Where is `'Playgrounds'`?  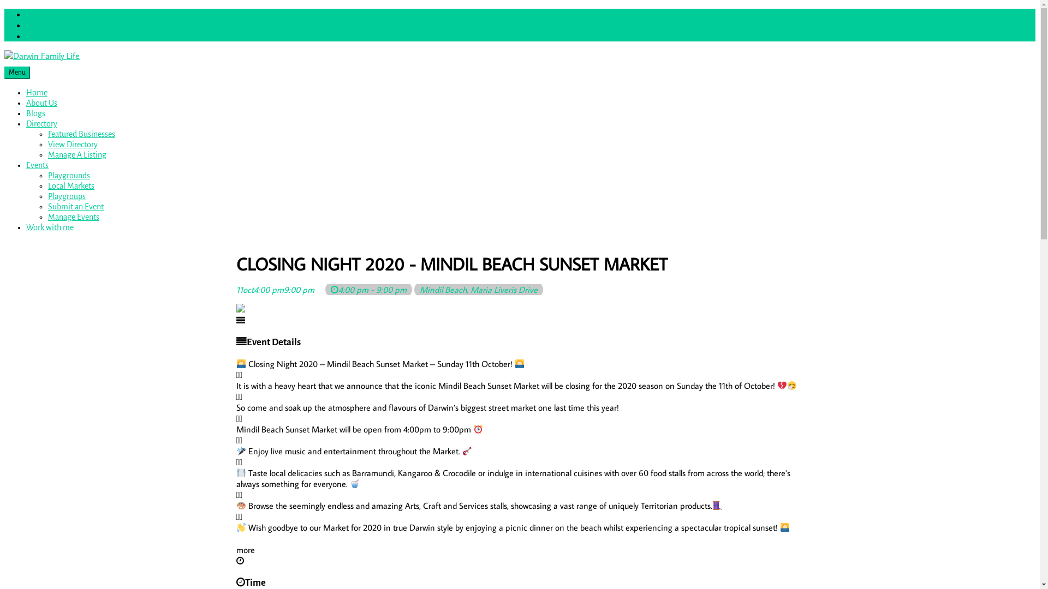 'Playgrounds' is located at coordinates (68, 175).